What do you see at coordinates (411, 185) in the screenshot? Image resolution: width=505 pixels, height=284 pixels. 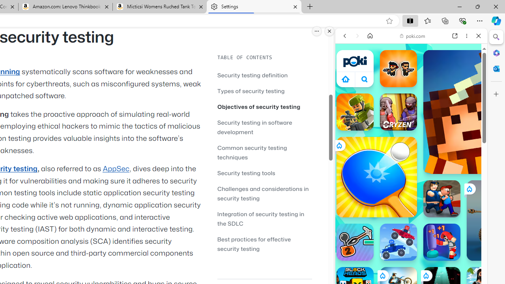 I see `'Car Games'` at bounding box center [411, 185].